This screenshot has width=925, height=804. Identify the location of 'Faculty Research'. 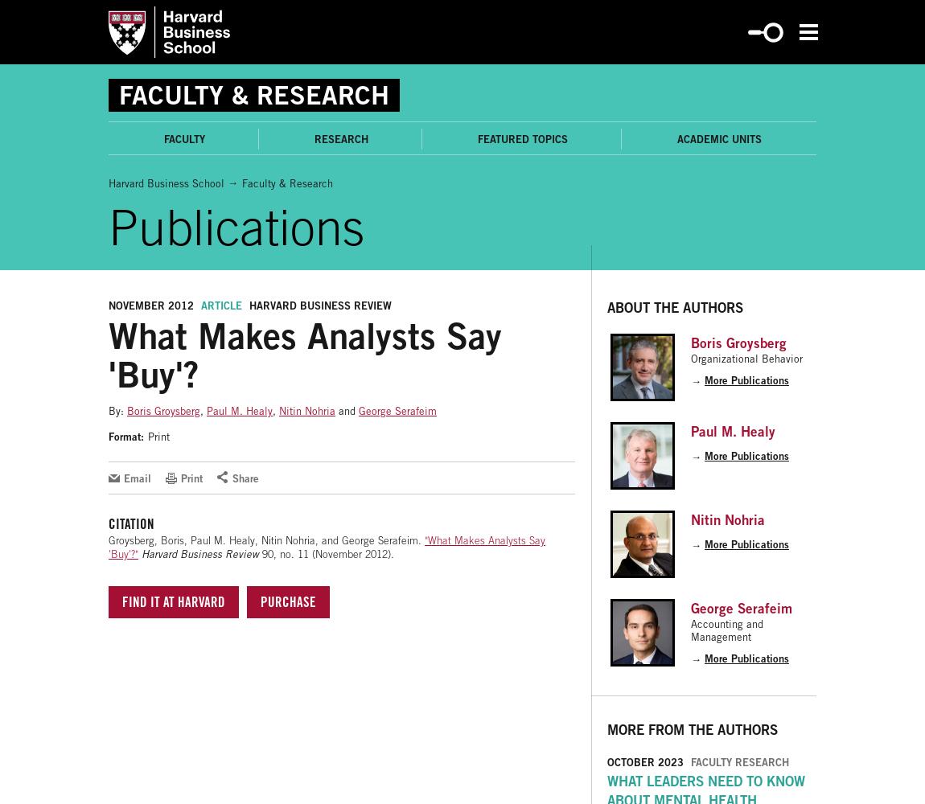
(740, 761).